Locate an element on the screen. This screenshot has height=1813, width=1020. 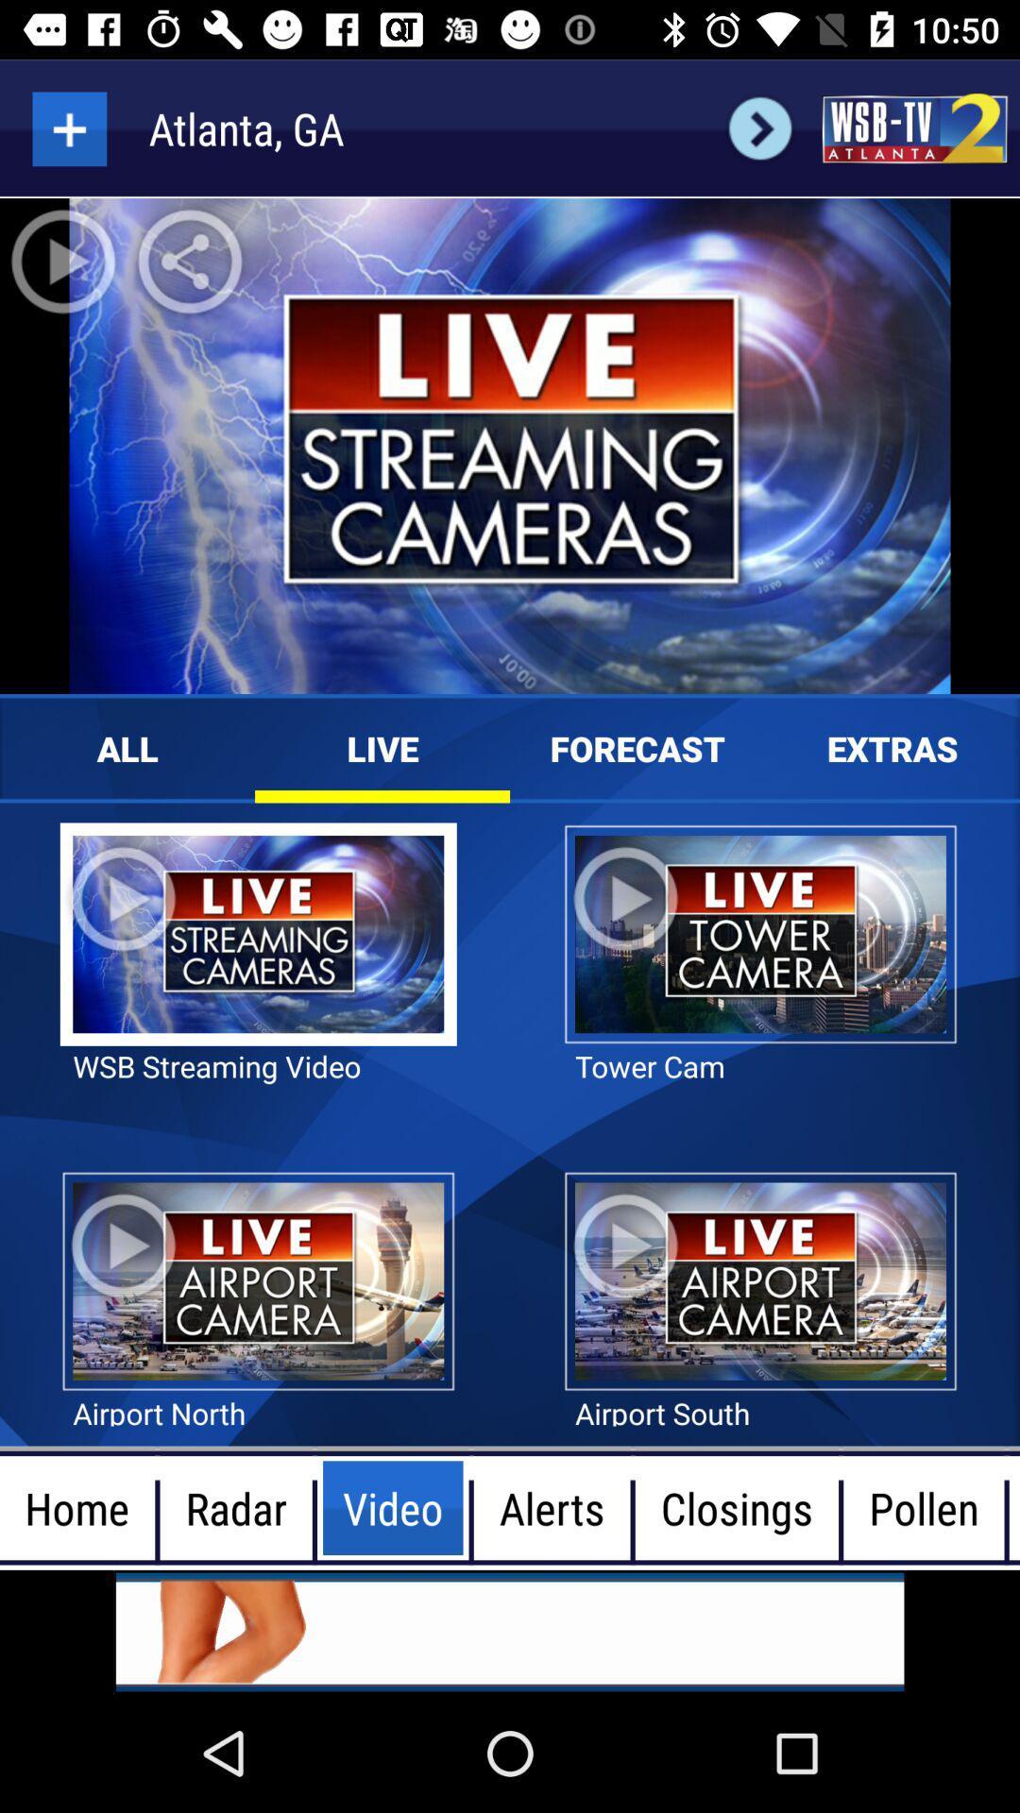
streaming camera is located at coordinates (68, 127).